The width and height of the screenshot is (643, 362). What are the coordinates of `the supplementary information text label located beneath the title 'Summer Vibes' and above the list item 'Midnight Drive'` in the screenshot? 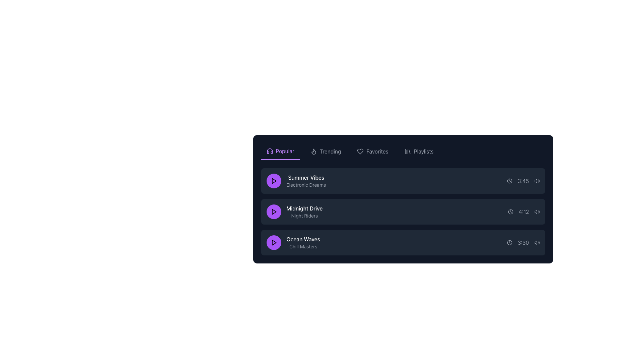 It's located at (306, 185).